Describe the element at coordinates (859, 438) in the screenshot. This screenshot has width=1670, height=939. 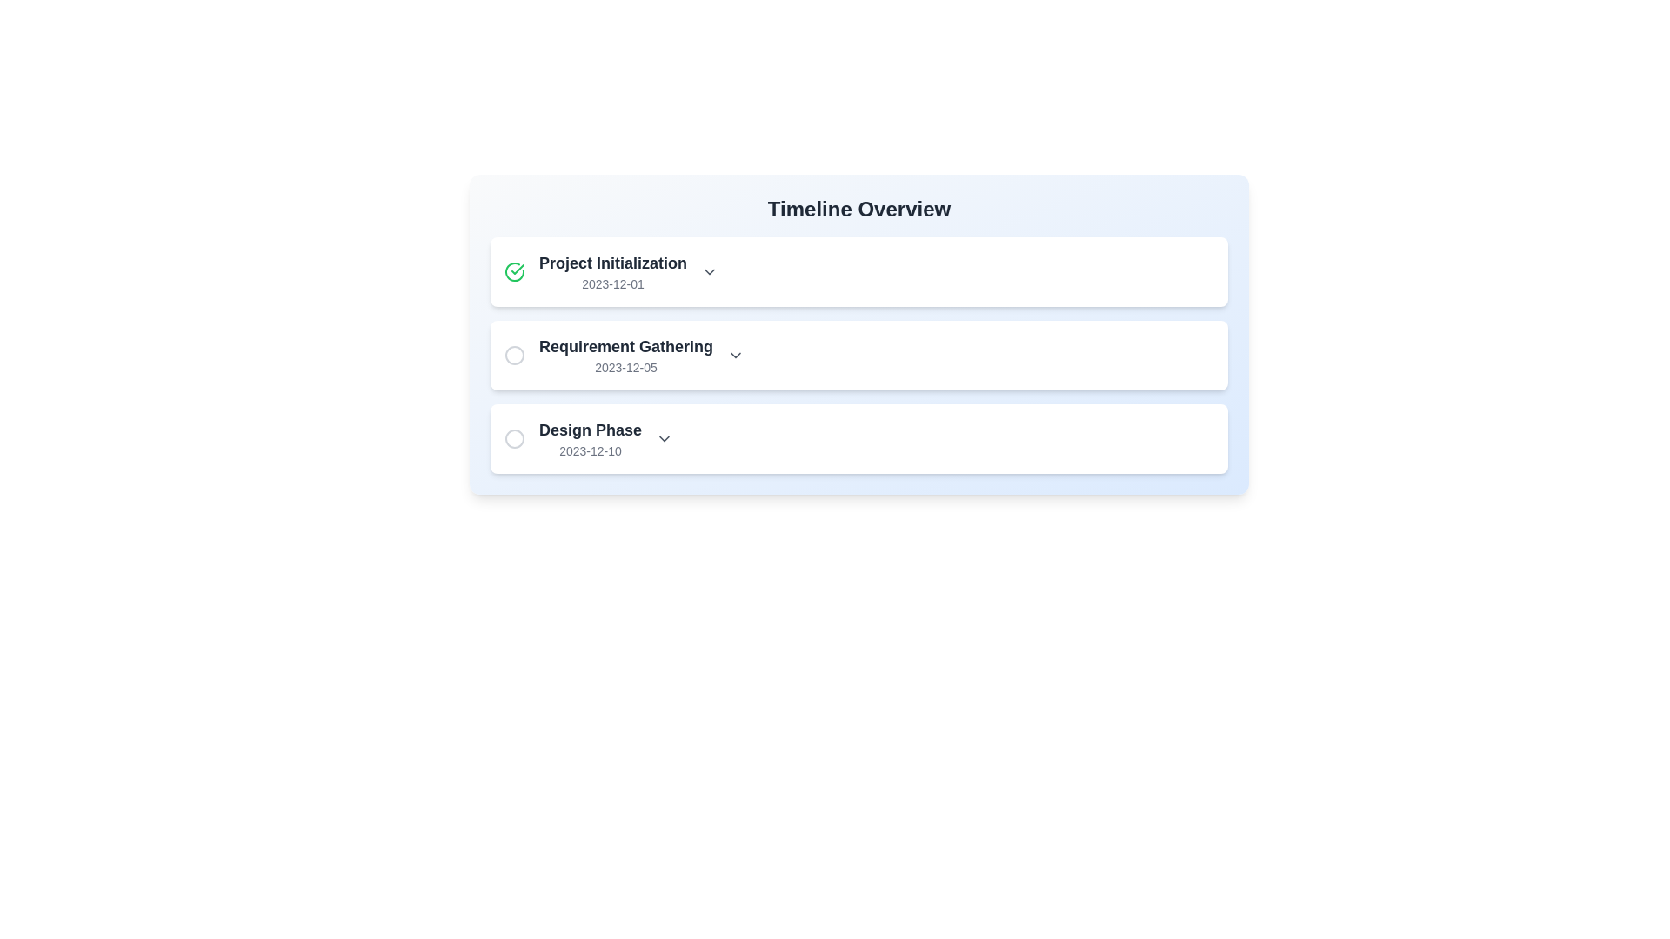
I see `the list item labeled 'Design Phase'` at that location.